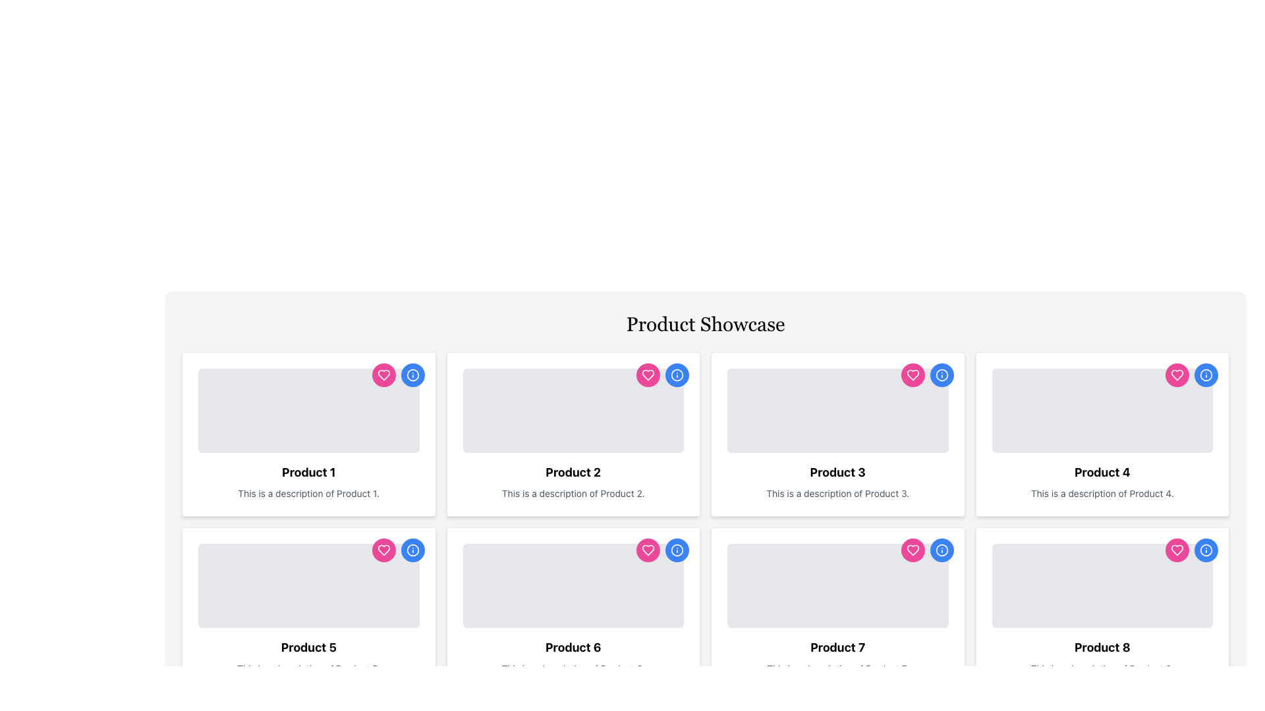 The height and width of the screenshot is (711, 1265). Describe the element at coordinates (1206, 550) in the screenshot. I see `the information button located in the bottom-right corner of the 'Product 8' card` at that location.